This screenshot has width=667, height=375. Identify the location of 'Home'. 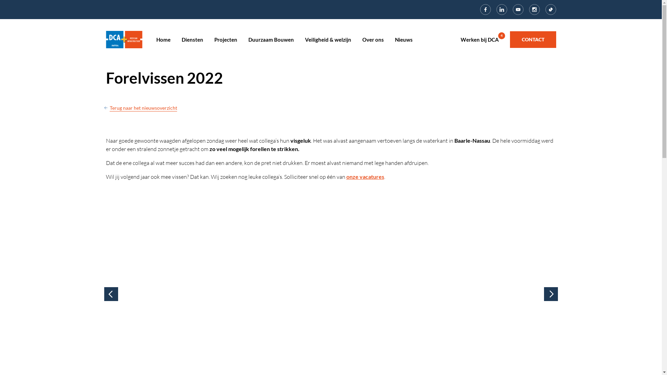
(124, 39).